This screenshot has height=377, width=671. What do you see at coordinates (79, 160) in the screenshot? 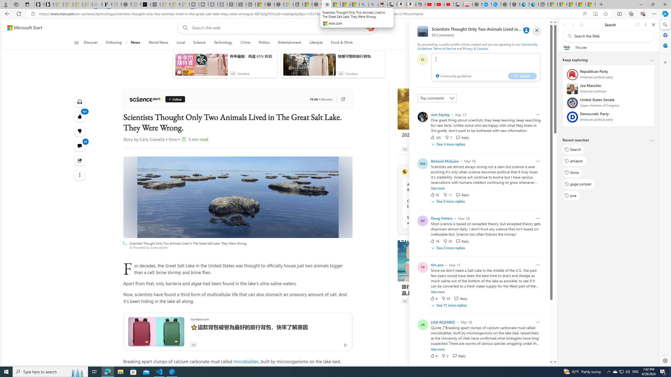
I see `'Share this story'` at bounding box center [79, 160].